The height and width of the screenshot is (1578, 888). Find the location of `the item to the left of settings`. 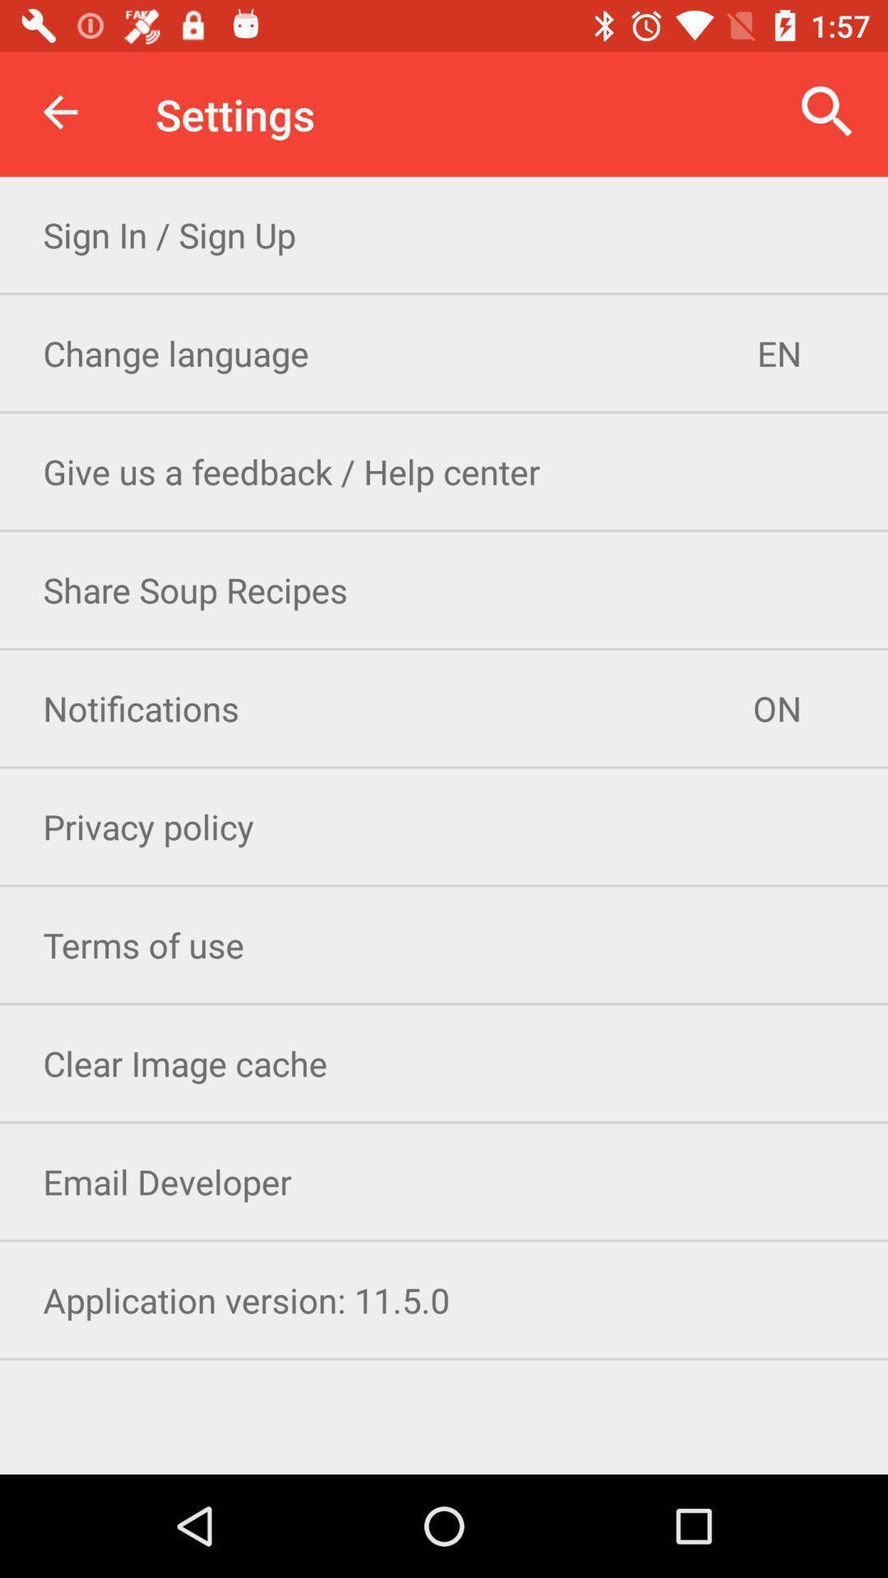

the item to the left of settings is located at coordinates (59, 111).